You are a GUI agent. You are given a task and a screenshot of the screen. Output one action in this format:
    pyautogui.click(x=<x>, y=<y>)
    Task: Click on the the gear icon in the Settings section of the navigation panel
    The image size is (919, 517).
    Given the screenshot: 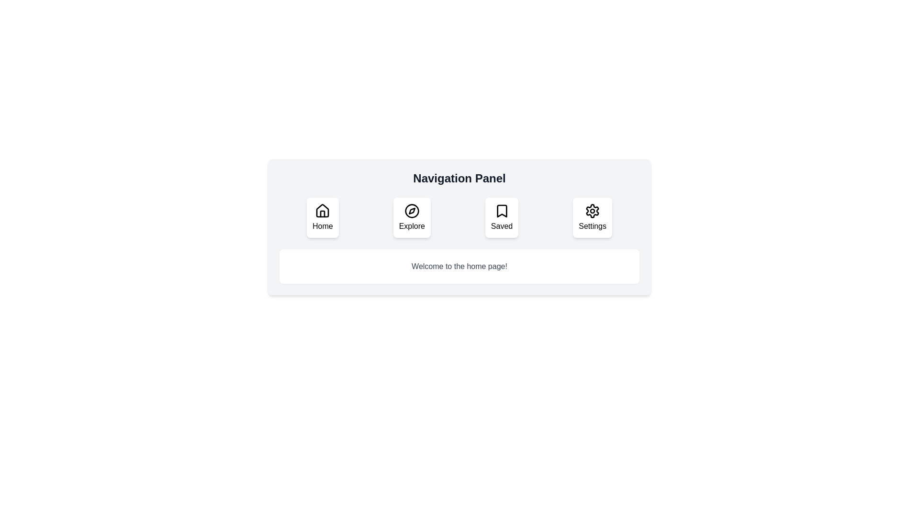 What is the action you would take?
    pyautogui.click(x=592, y=210)
    